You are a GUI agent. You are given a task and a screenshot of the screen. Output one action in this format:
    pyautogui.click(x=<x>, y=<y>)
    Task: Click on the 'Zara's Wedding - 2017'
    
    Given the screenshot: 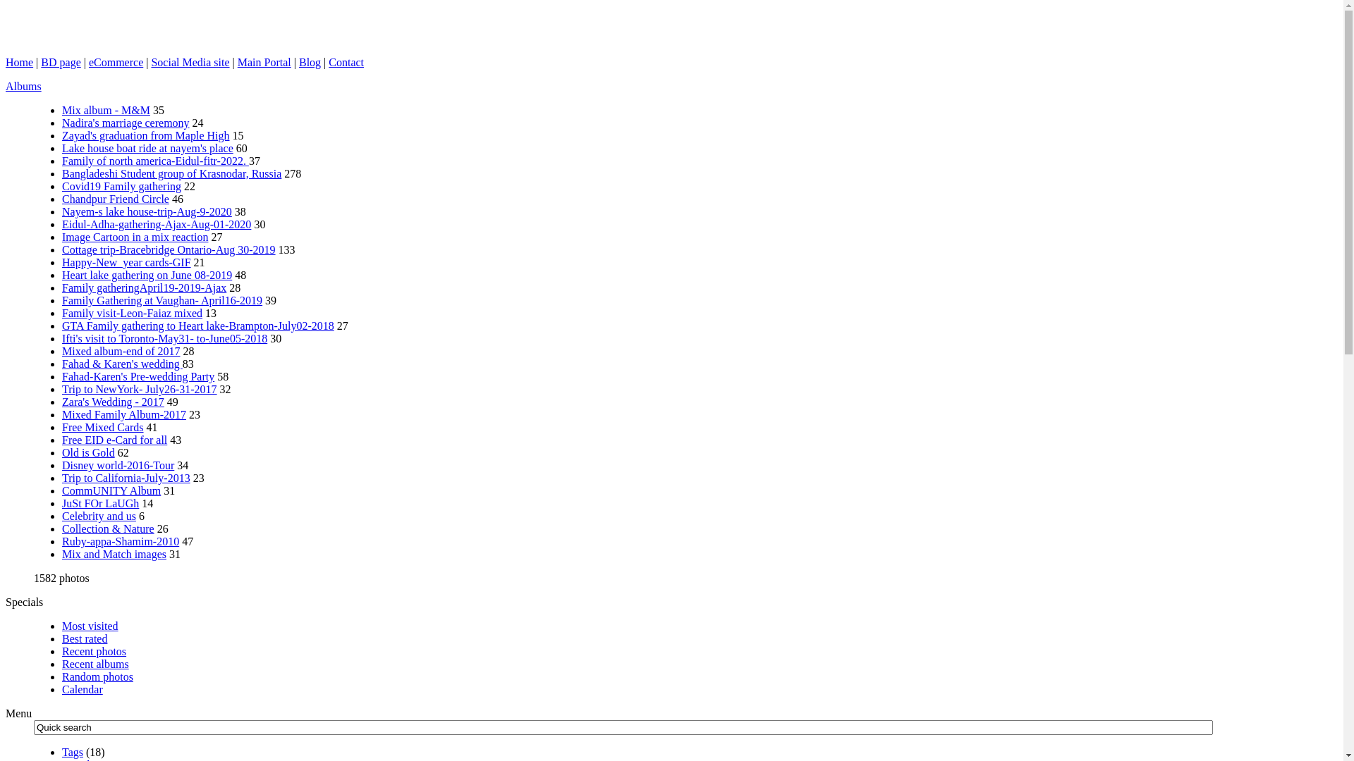 What is the action you would take?
    pyautogui.click(x=113, y=402)
    